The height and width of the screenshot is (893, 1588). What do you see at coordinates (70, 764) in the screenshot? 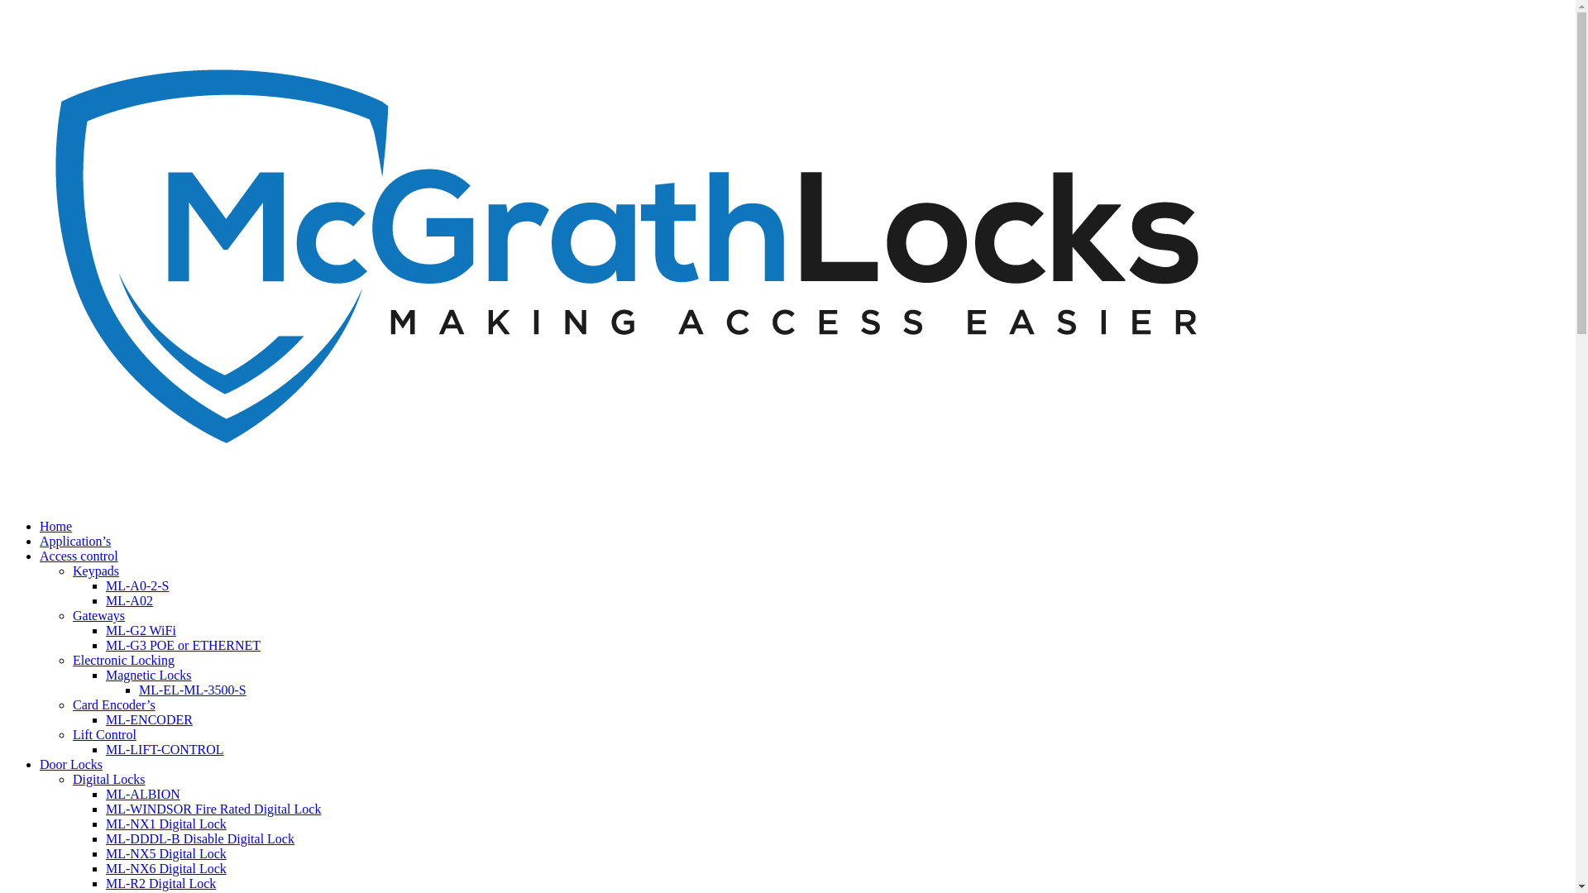
I see `'Door Locks'` at bounding box center [70, 764].